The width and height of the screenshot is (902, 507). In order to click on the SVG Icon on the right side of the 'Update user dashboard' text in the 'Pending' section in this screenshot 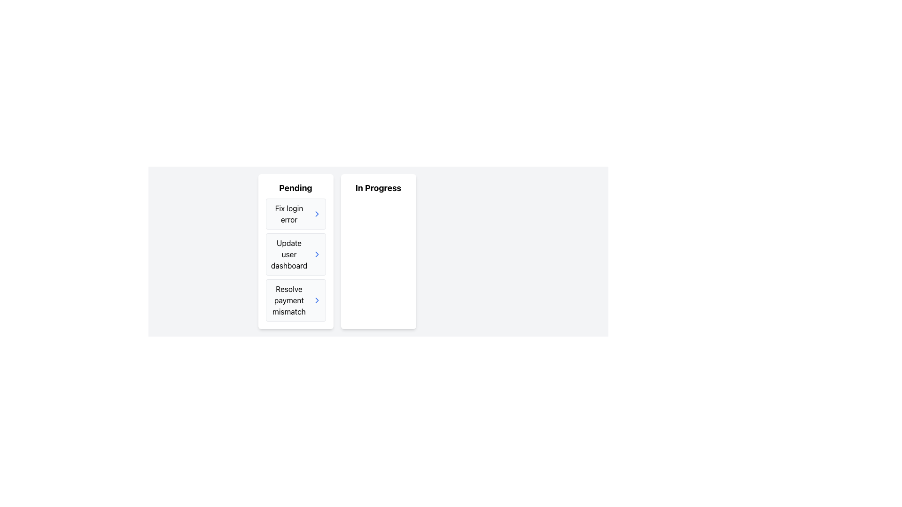, I will do `click(317, 300)`.